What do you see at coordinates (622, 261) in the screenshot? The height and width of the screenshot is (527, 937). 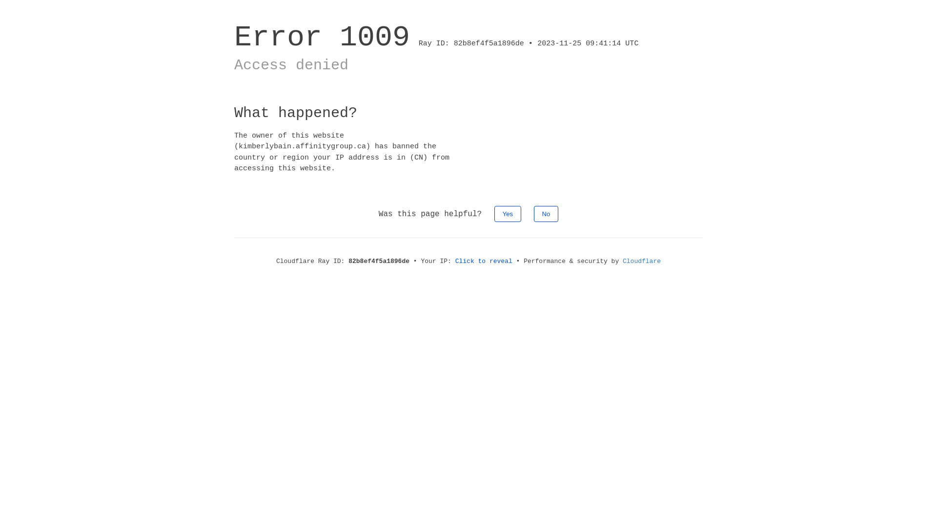 I see `'Cloudflare'` at bounding box center [622, 261].